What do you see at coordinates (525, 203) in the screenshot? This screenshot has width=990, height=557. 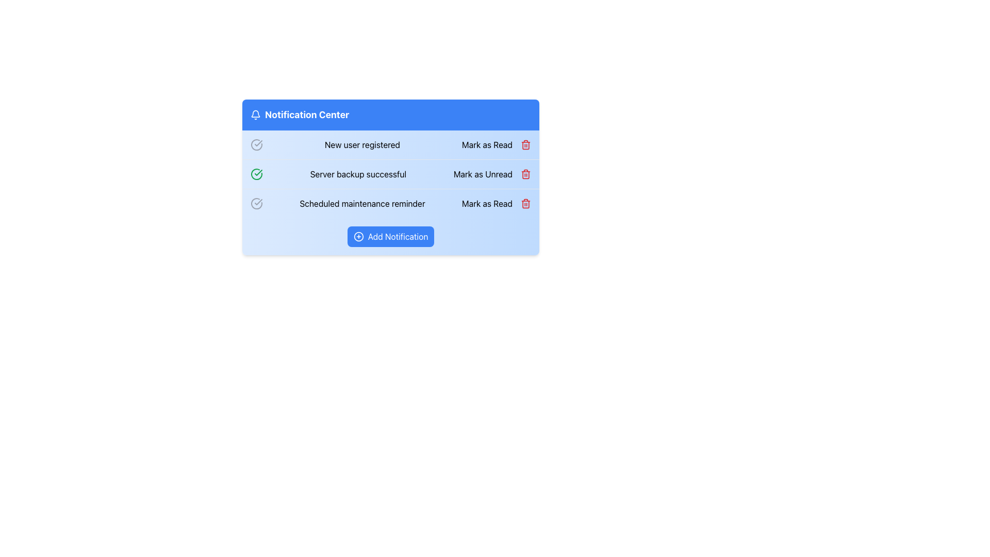 I see `the delete icon for the 'Scheduled maintenance reminder' notification located in the third row of the notification list` at bounding box center [525, 203].